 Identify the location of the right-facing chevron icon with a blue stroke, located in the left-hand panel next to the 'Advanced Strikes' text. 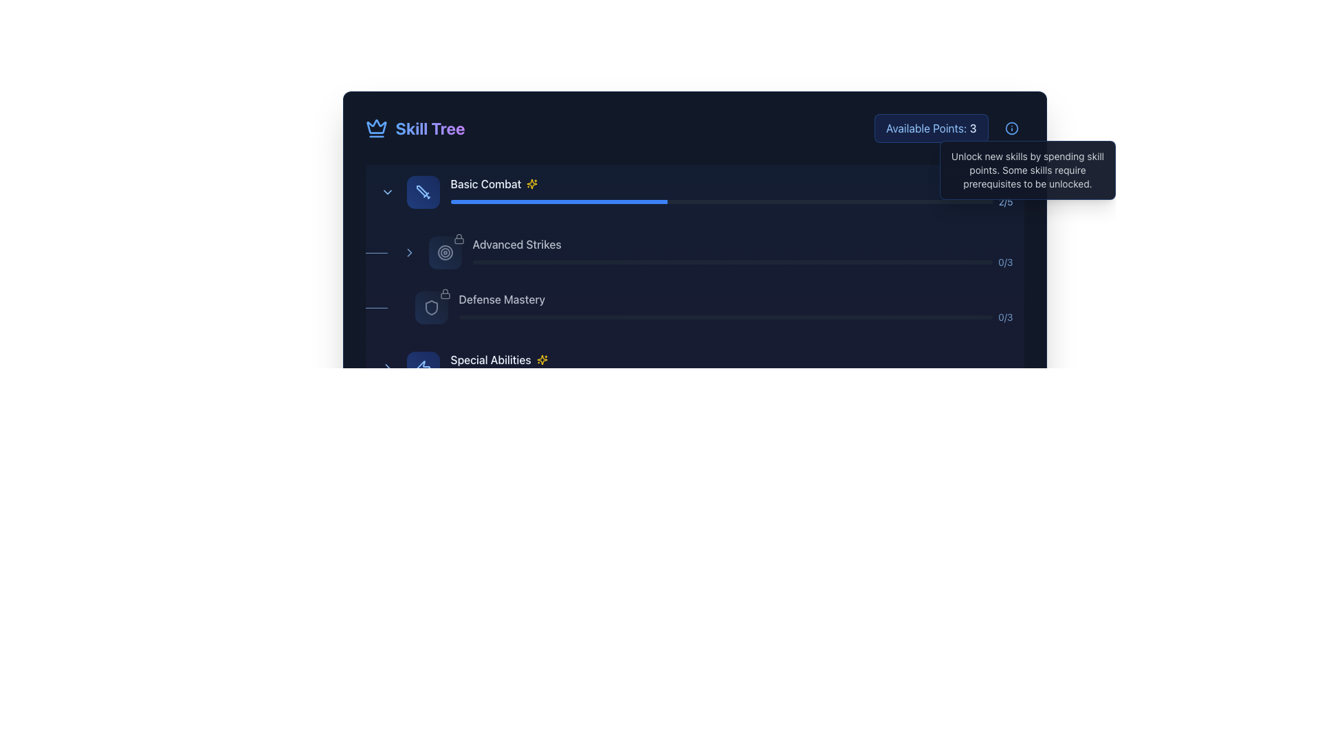
(408, 252).